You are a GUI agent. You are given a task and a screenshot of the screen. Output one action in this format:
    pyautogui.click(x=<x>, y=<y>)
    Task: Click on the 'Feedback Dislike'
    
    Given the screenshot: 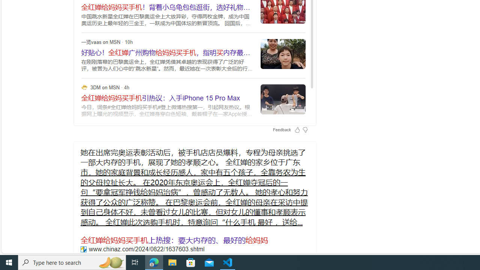 What is the action you would take?
    pyautogui.click(x=305, y=129)
    